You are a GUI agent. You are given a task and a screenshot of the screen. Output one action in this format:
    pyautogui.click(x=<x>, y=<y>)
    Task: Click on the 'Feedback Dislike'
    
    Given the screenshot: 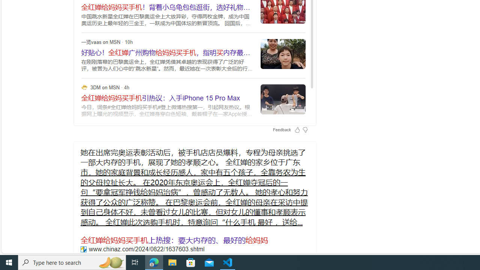 What is the action you would take?
    pyautogui.click(x=305, y=129)
    